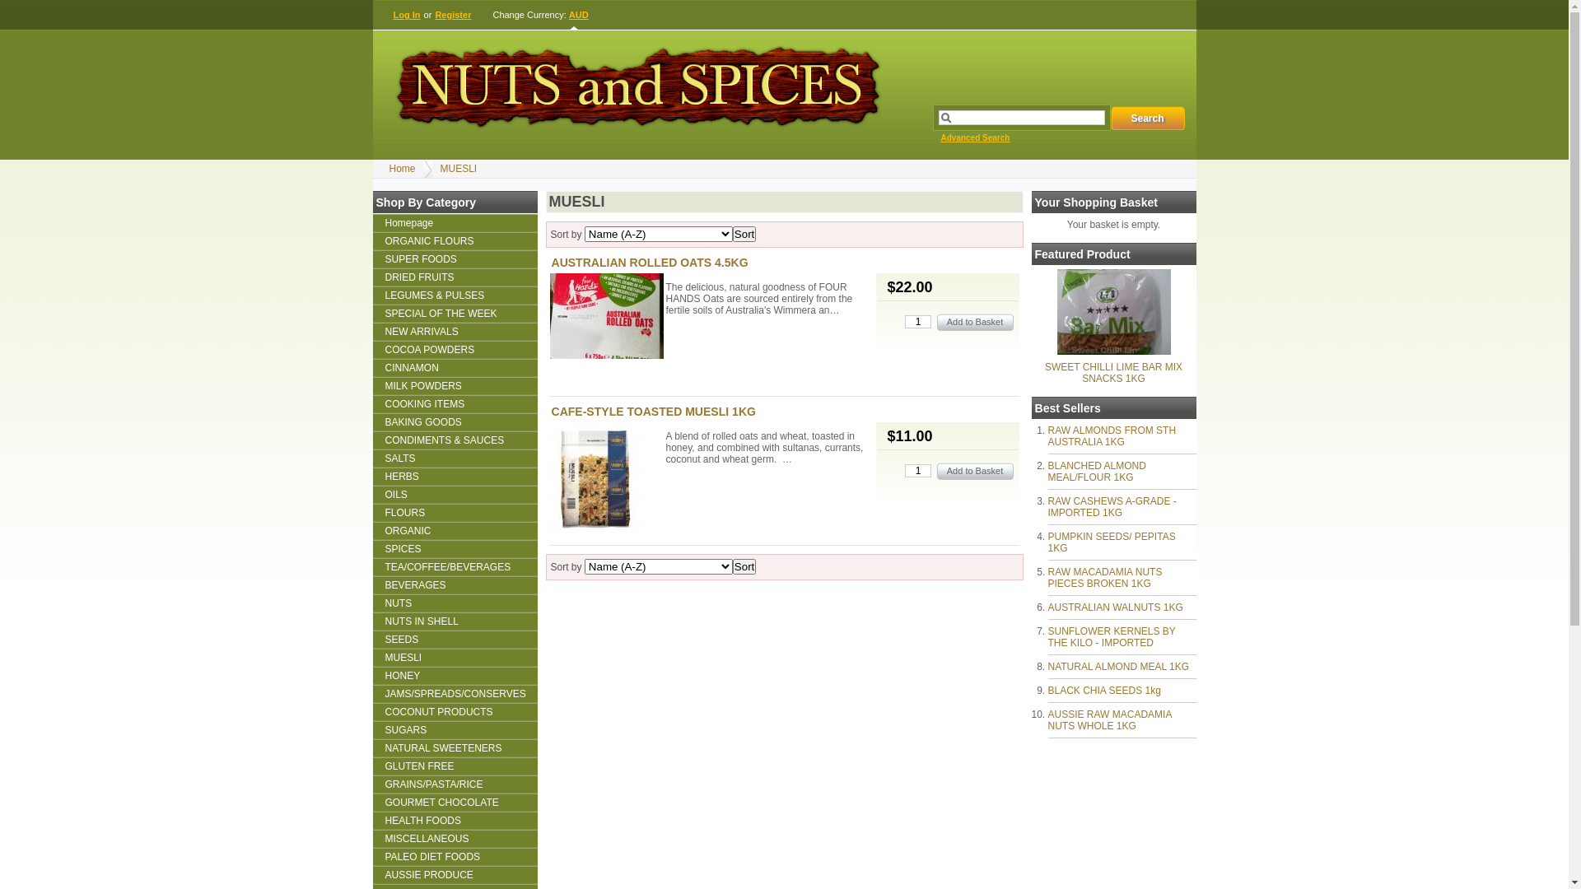 The width and height of the screenshot is (1581, 889). I want to click on 'SPICES', so click(455, 549).